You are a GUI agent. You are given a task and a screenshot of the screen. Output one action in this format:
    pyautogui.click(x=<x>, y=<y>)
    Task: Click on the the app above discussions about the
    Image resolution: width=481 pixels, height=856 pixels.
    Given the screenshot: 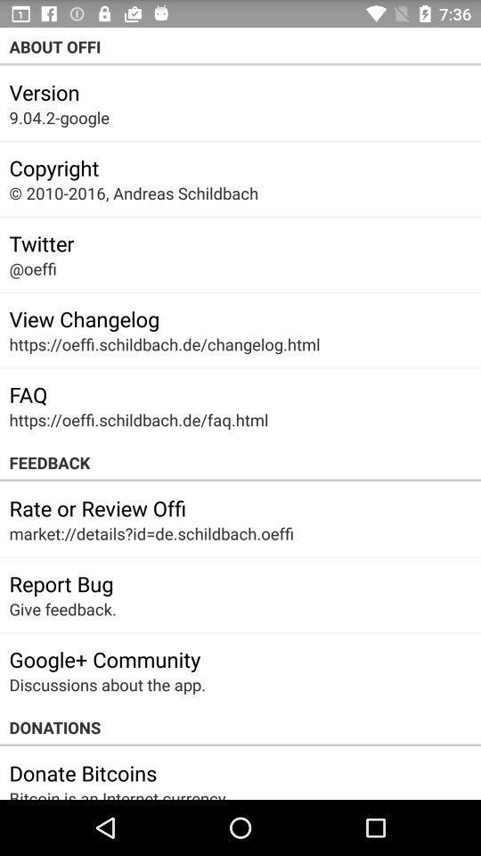 What is the action you would take?
    pyautogui.click(x=104, y=658)
    